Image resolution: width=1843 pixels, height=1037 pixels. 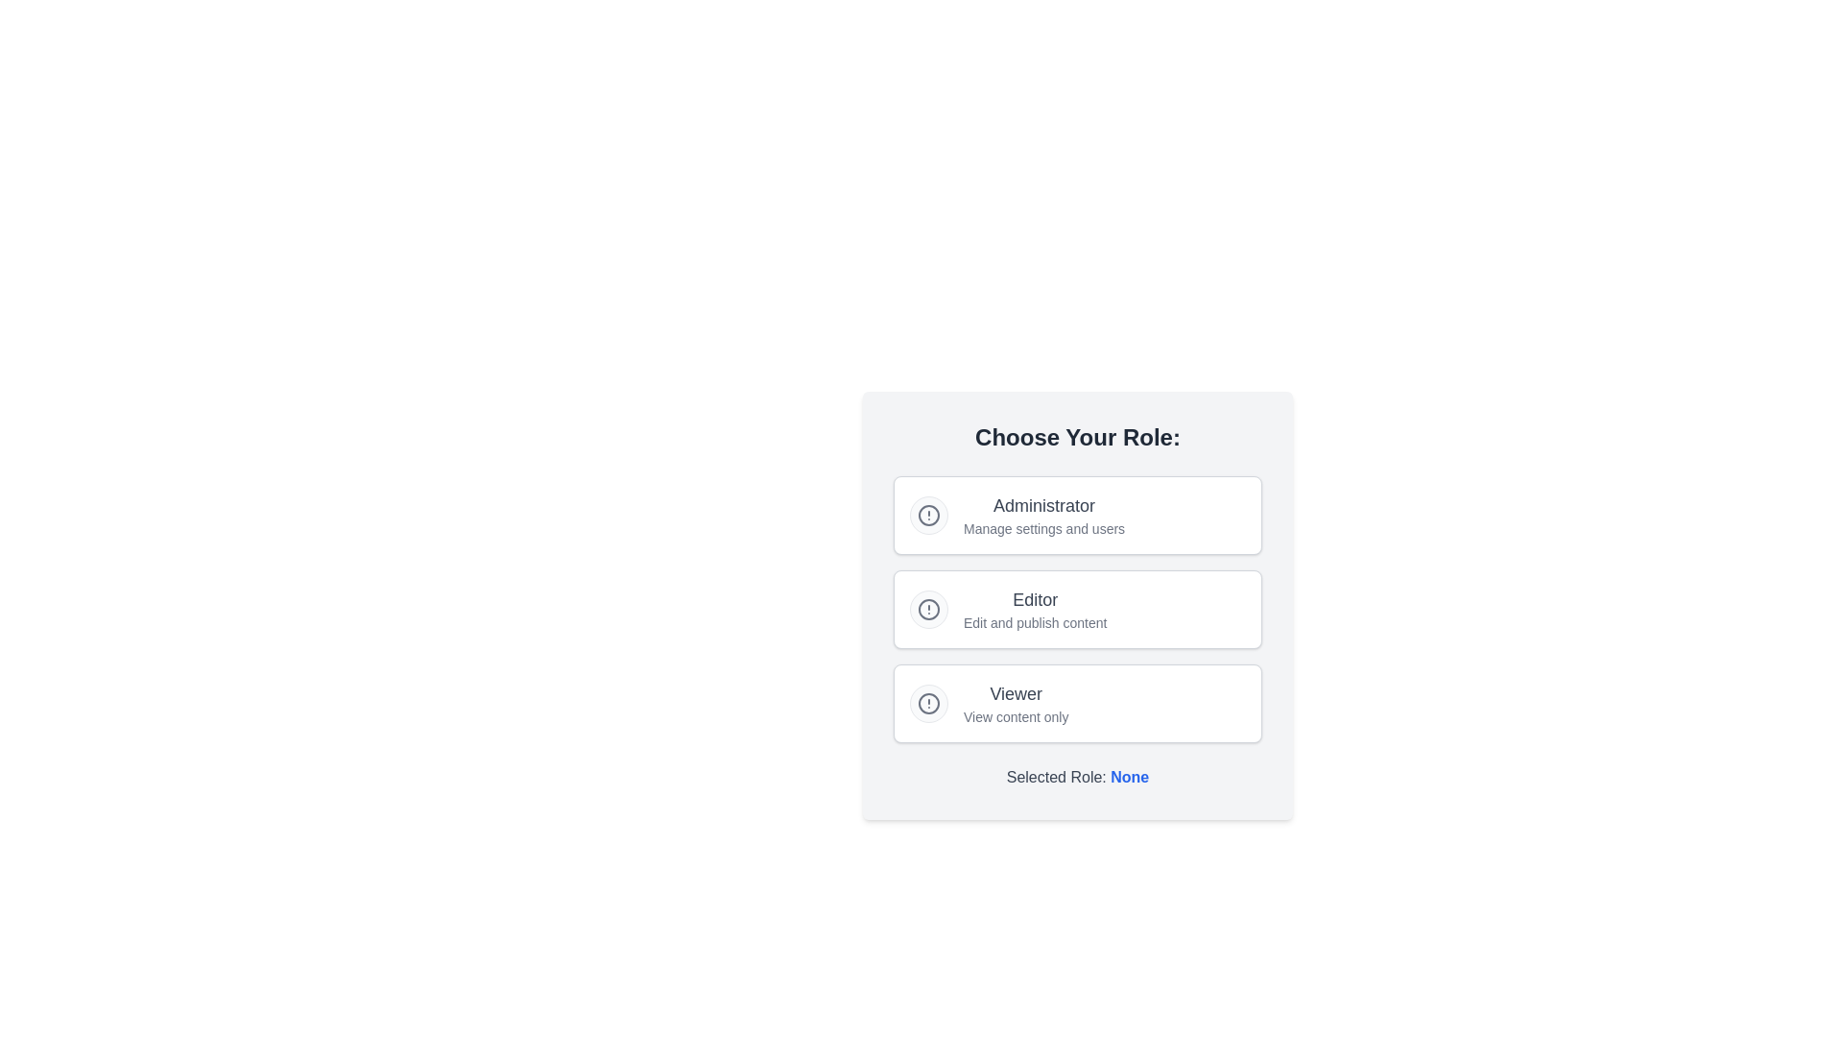 I want to click on the informational icon located centrally within the 'Viewer' role option, so click(x=929, y=703).